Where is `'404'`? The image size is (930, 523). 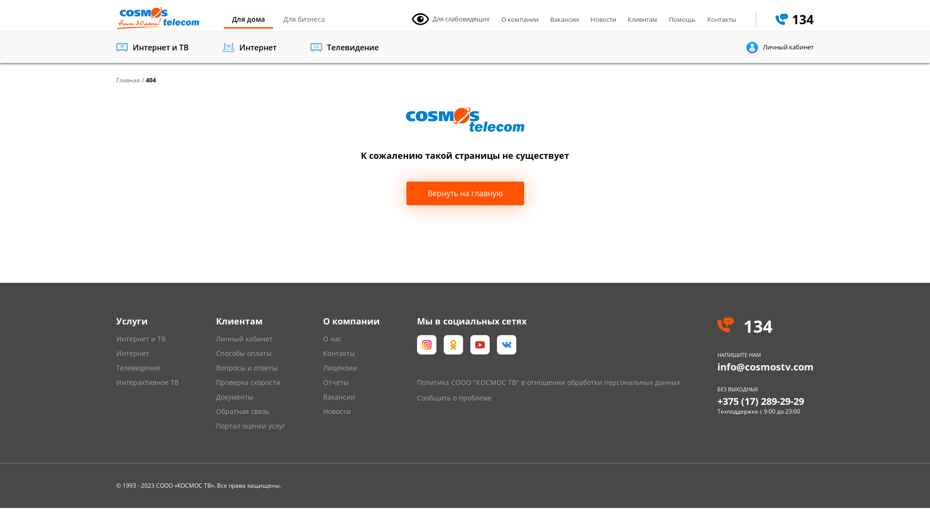
'404' is located at coordinates (150, 79).